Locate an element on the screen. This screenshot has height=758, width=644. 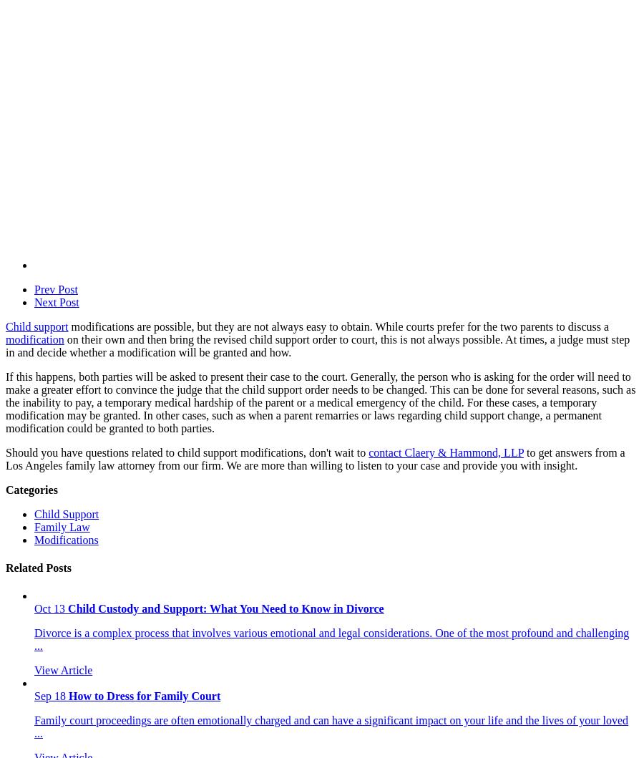
'modifications are possible, but they are not always easy to obtain. While
	 courts prefer for the two parents to discuss a' is located at coordinates (338, 326).